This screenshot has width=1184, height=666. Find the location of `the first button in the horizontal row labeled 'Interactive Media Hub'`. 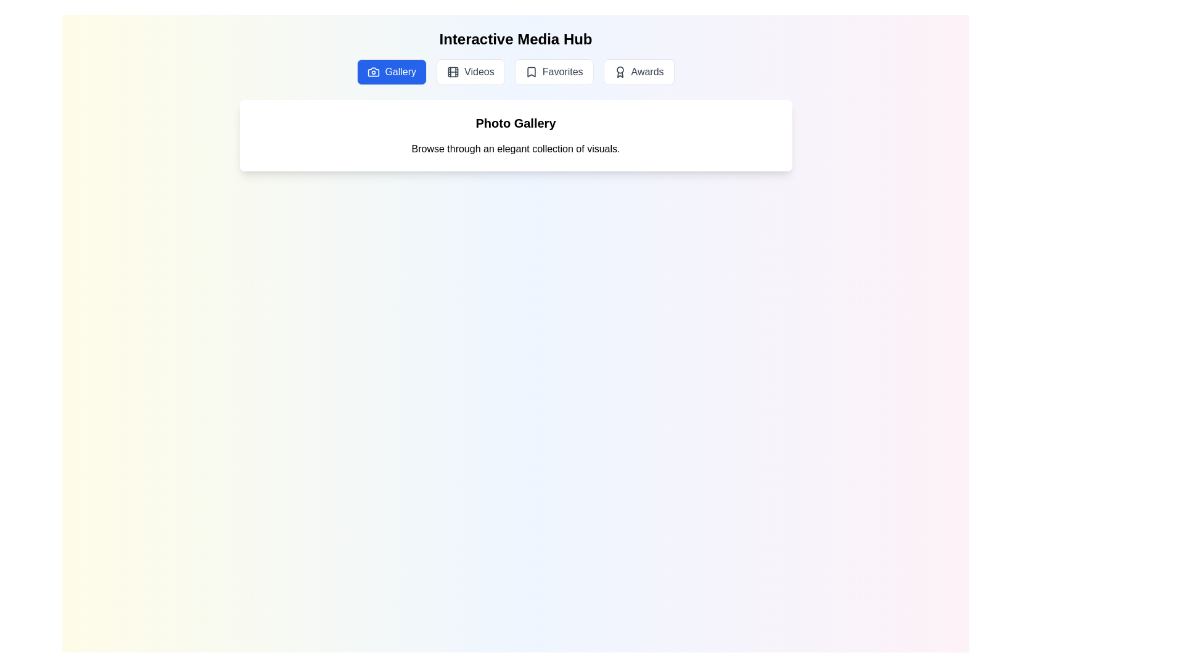

the first button in the horizontal row labeled 'Interactive Media Hub' is located at coordinates (391, 72).